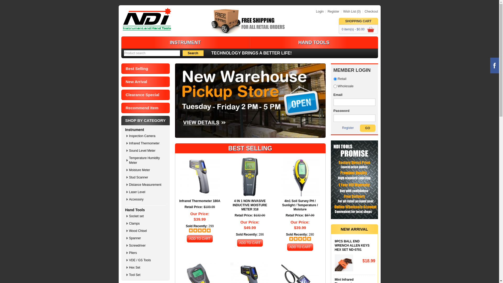 This screenshot has height=283, width=503. I want to click on 'Hex Set', so click(146, 268).